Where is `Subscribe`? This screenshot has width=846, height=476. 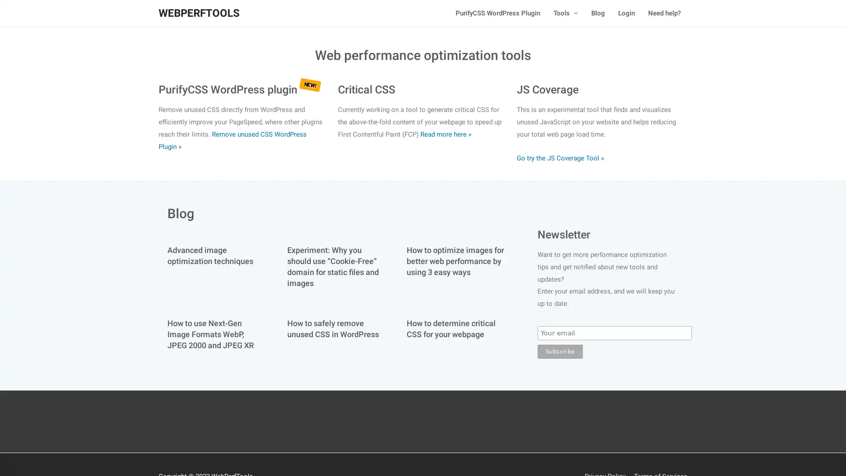
Subscribe is located at coordinates (560, 351).